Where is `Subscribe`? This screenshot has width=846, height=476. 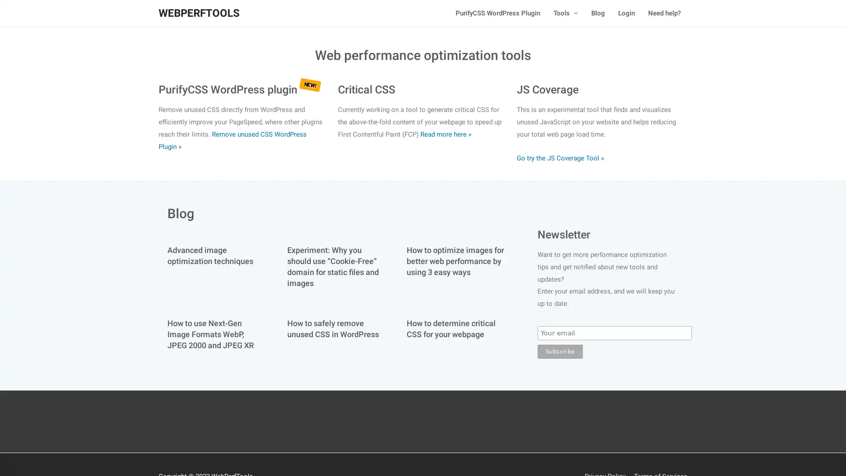
Subscribe is located at coordinates (560, 351).